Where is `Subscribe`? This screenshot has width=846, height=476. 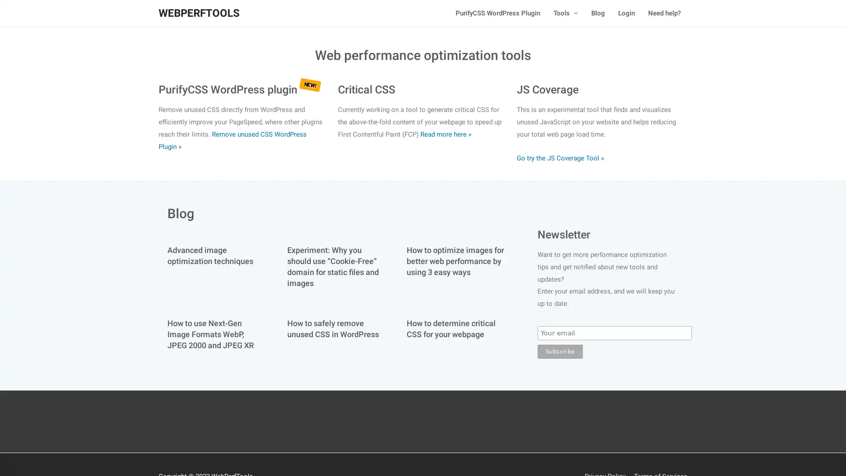
Subscribe is located at coordinates (560, 351).